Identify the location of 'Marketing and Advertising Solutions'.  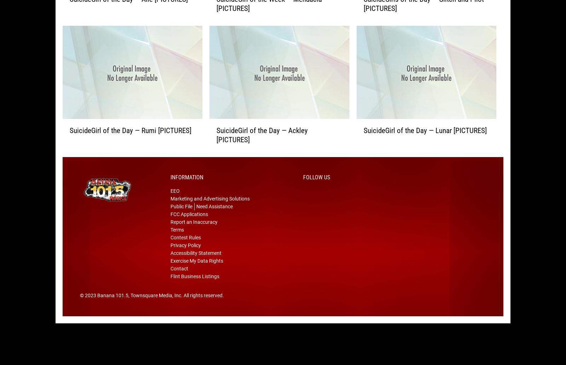
(170, 210).